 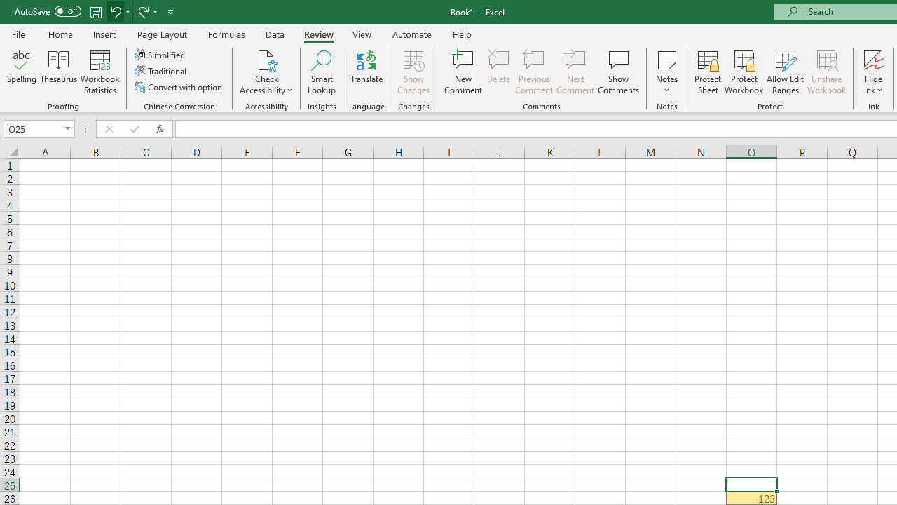 I want to click on 'Spelling...', so click(x=22, y=72).